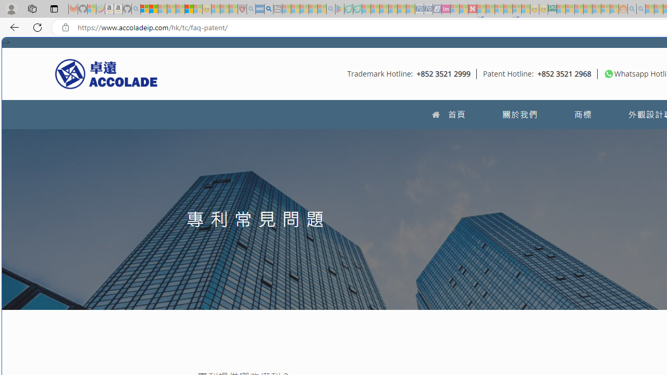 This screenshot has height=375, width=667. I want to click on 'google - Search - Sleeping', so click(330, 9).